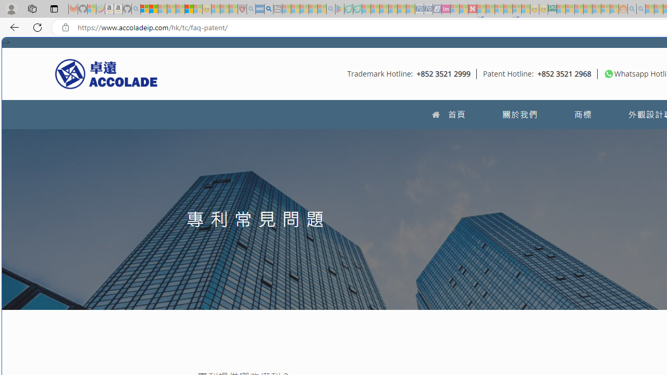 This screenshot has height=375, width=667. I want to click on 'google - Search - Sleeping', so click(330, 9).